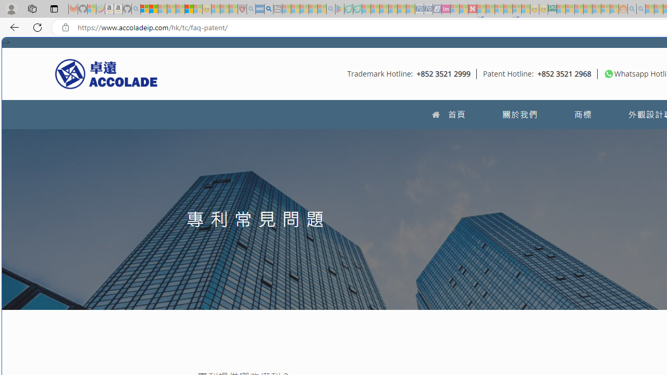 This screenshot has height=375, width=667. I want to click on 'google - Search - Sleeping', so click(330, 9).